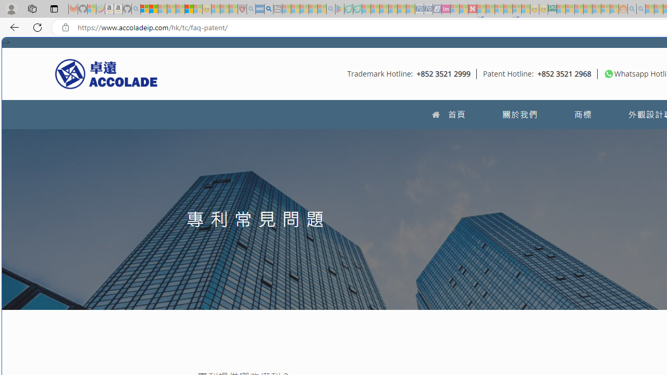 This screenshot has height=375, width=667. I want to click on 'google - Search - Sleeping', so click(330, 9).